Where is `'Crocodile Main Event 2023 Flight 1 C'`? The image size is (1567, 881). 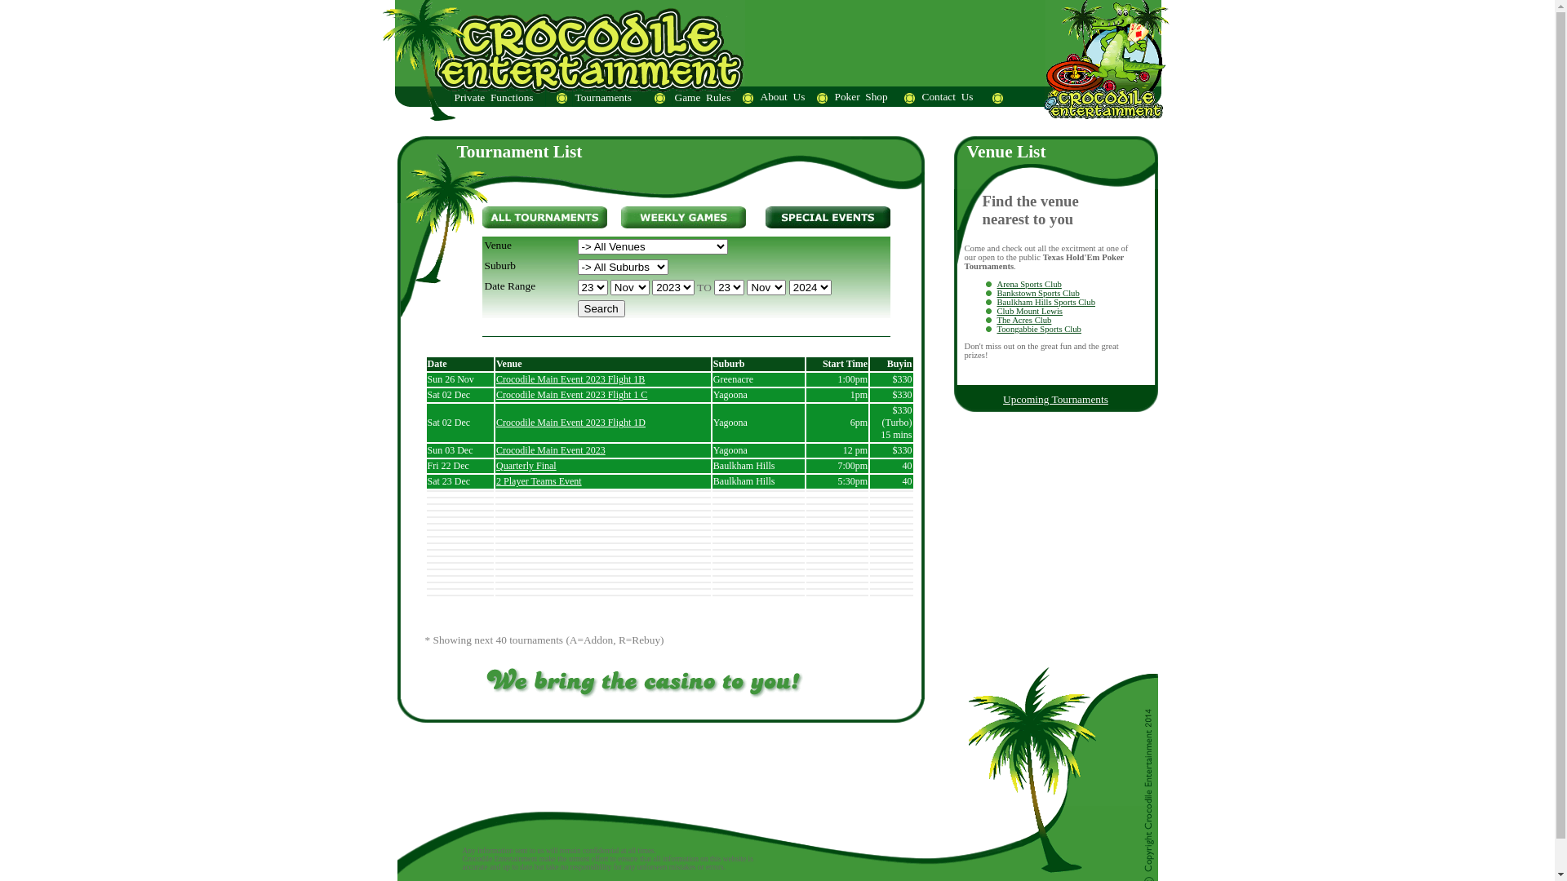 'Crocodile Main Event 2023 Flight 1 C' is located at coordinates (495, 394).